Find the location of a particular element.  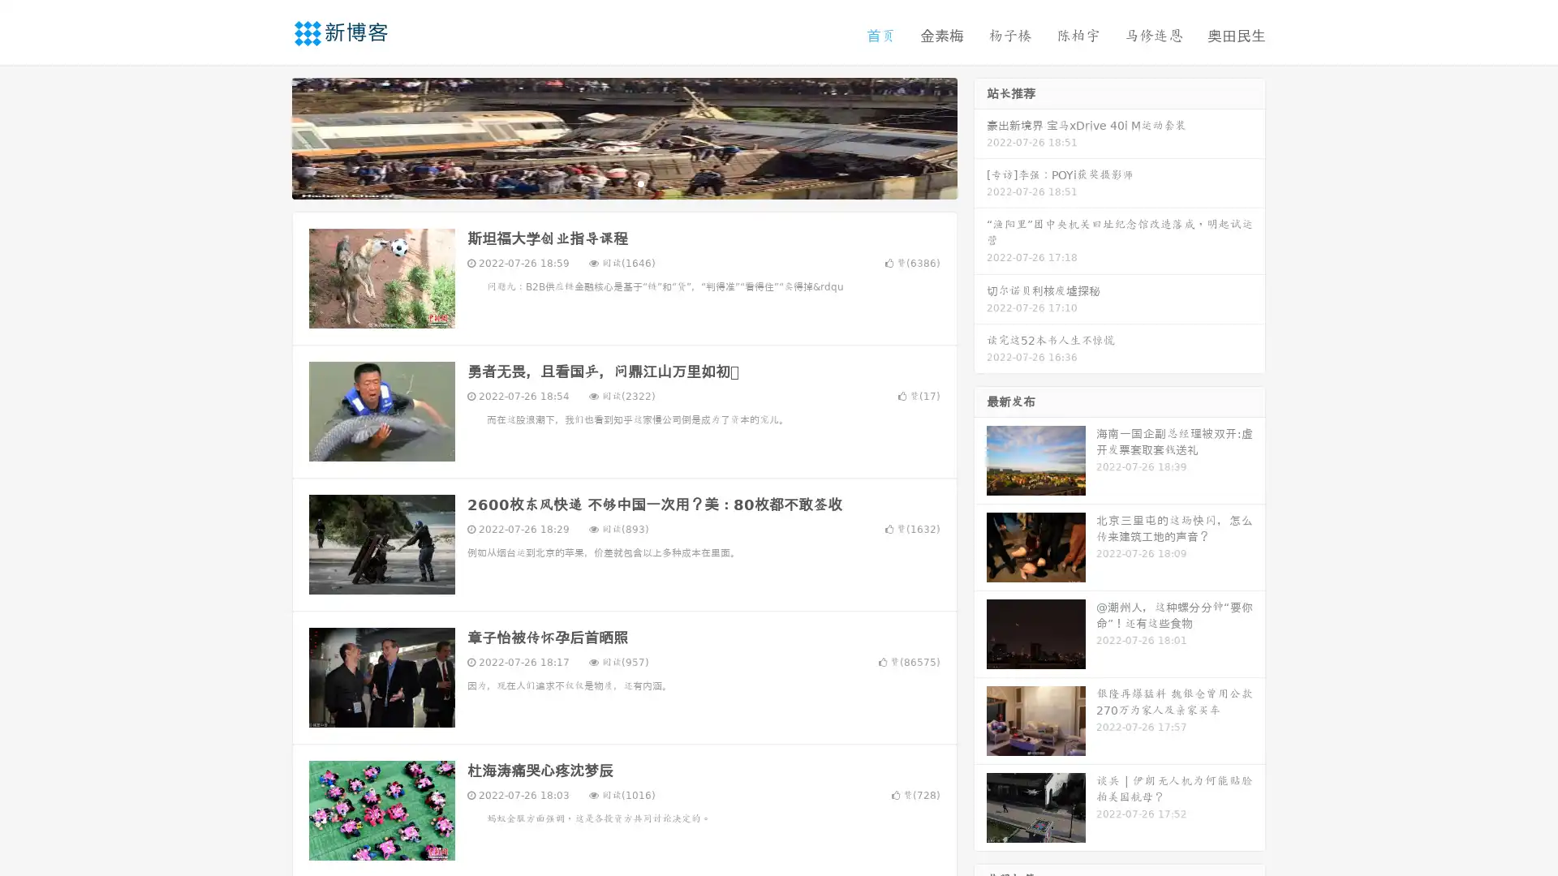

Go to slide 3 is located at coordinates (640, 182).